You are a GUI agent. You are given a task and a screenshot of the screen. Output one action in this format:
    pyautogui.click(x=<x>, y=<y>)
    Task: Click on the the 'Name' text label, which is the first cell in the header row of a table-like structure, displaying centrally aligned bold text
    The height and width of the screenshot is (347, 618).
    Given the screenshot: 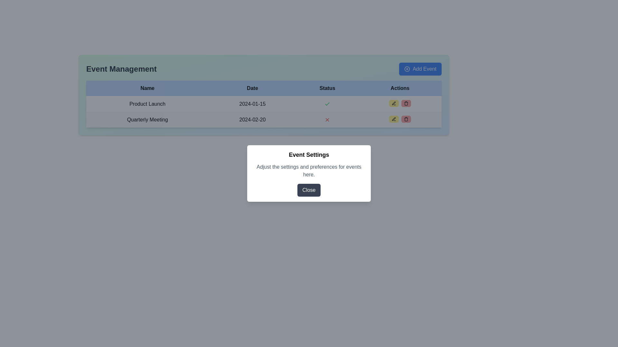 What is the action you would take?
    pyautogui.click(x=147, y=88)
    